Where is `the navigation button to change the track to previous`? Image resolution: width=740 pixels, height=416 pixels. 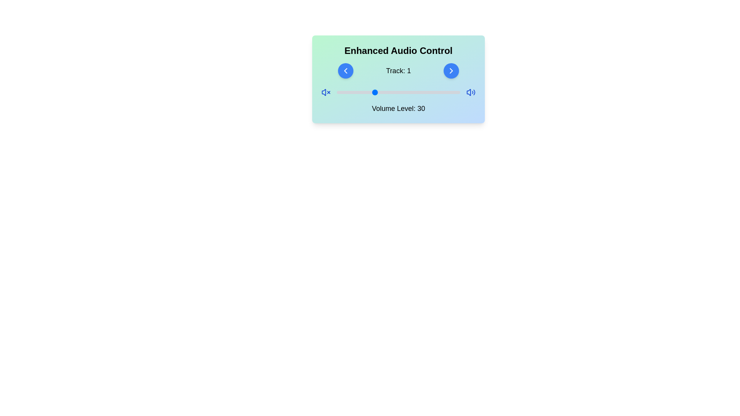 the navigation button to change the track to previous is located at coordinates (345, 71).